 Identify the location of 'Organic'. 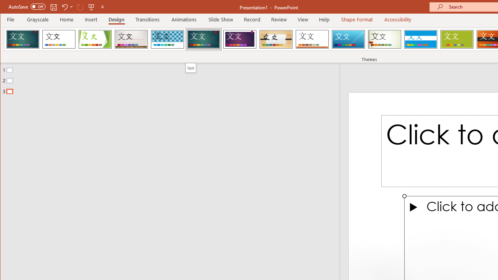
(276, 39).